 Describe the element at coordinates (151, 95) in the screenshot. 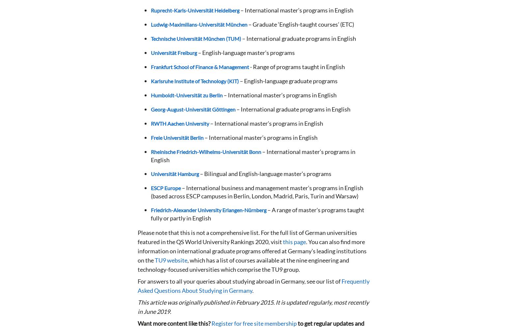

I see `'Humboldt-Universität zu Berlin'` at that location.